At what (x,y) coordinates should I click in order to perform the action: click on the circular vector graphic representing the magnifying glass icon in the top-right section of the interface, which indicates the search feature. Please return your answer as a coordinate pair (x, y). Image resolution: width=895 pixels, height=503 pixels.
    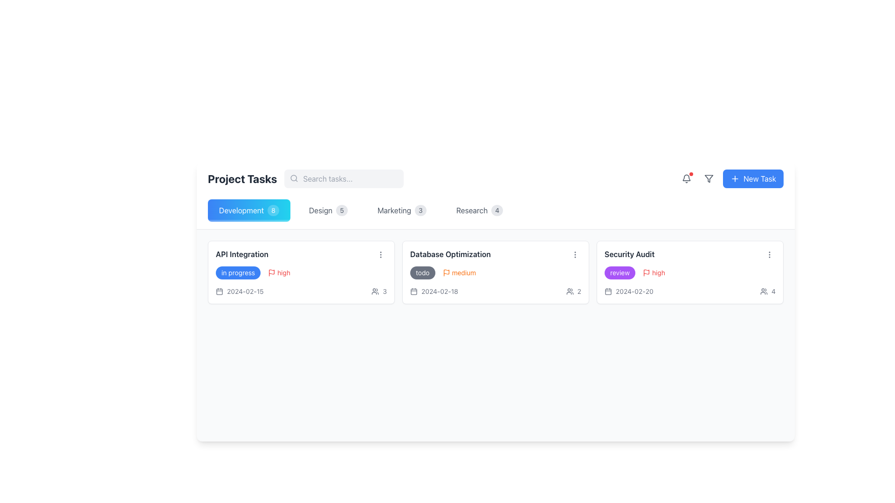
    Looking at the image, I should click on (293, 178).